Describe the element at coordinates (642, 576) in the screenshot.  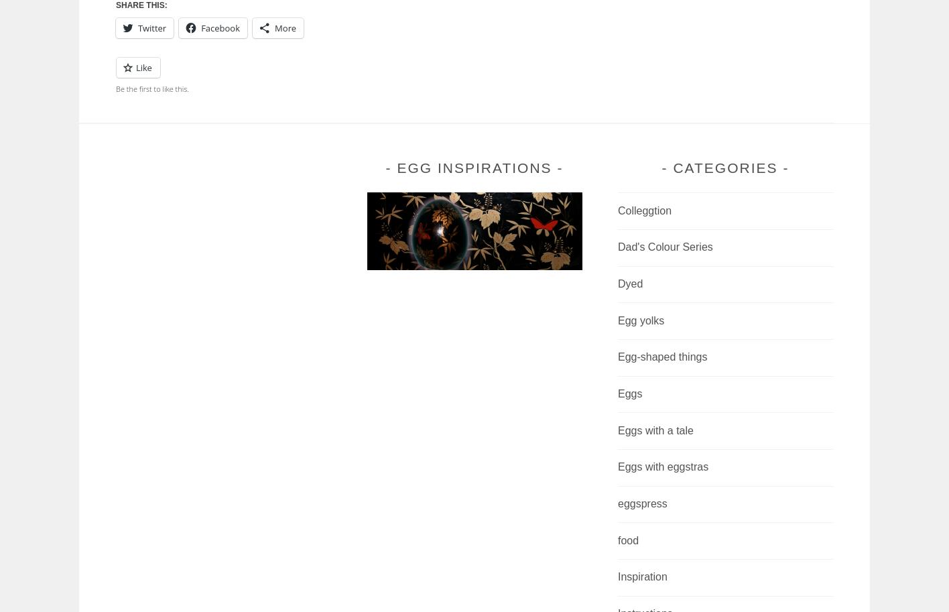
I see `'Inspiration'` at that location.